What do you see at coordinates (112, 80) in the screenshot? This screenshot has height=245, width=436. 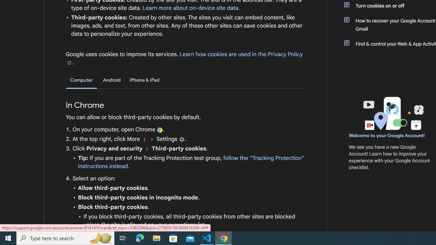 I see `'Android'` at bounding box center [112, 80].